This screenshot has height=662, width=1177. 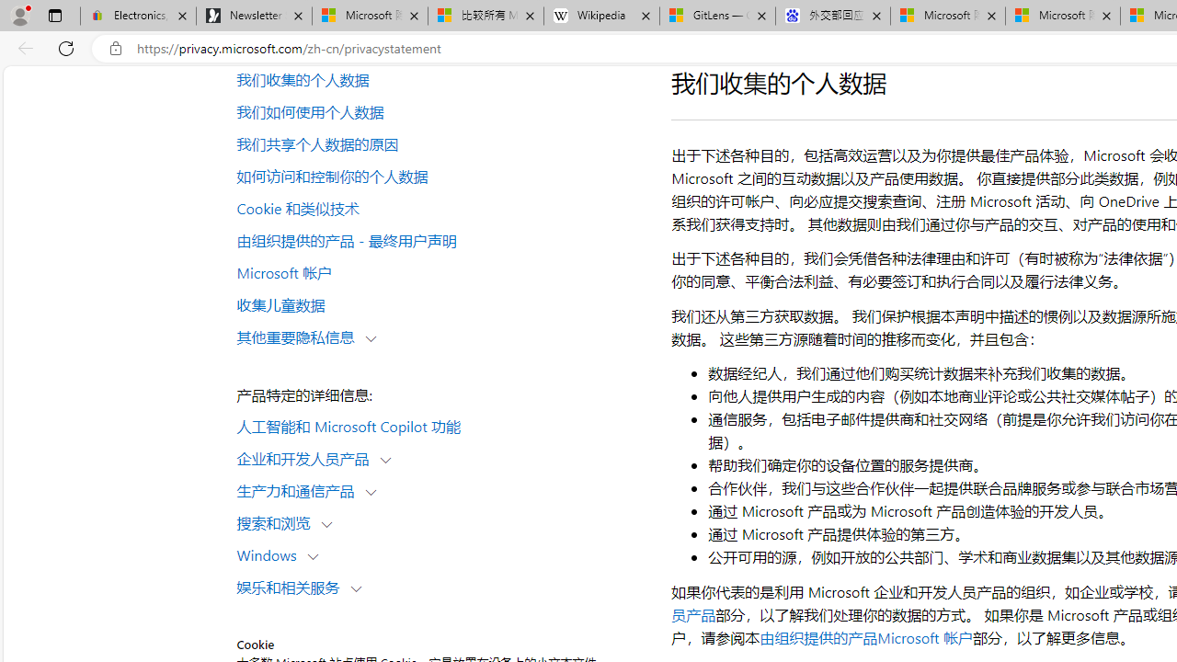 I want to click on 'Wikipedia', so click(x=601, y=16).